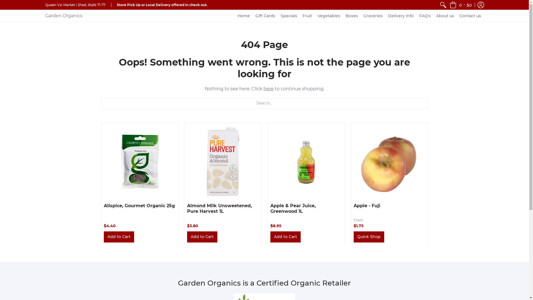 Image resolution: width=533 pixels, height=300 pixels. I want to click on 'Boxes', so click(342, 16).